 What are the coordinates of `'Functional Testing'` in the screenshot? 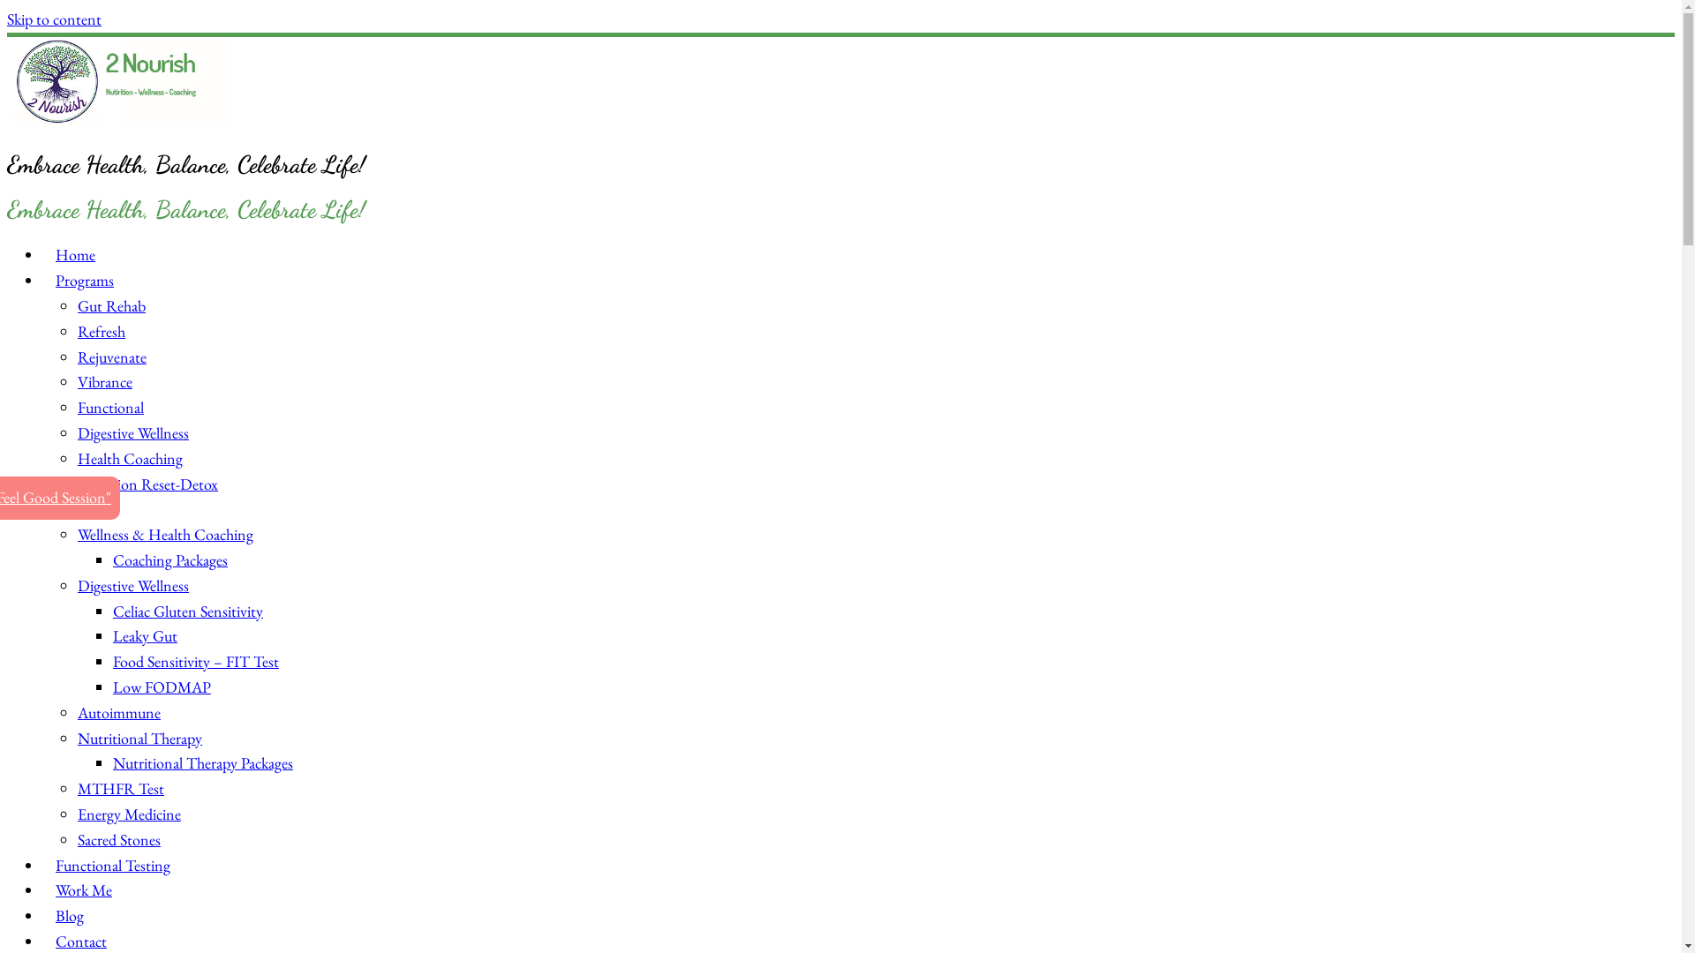 It's located at (112, 864).